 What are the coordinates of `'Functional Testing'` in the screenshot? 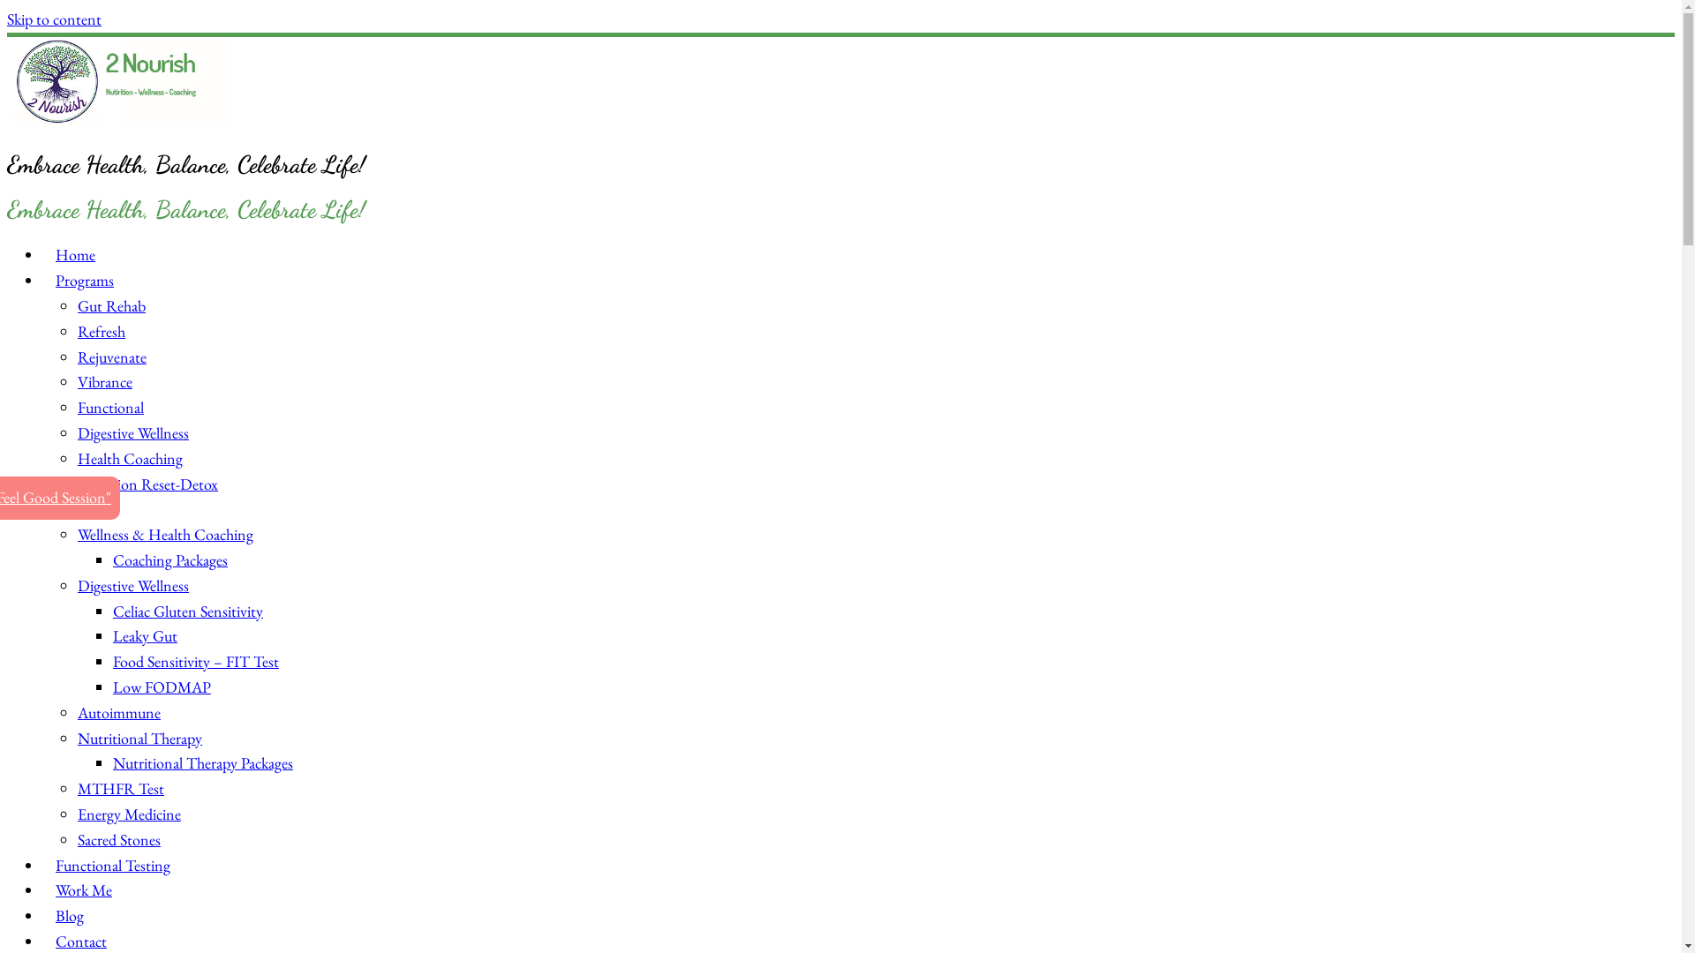 It's located at (112, 864).